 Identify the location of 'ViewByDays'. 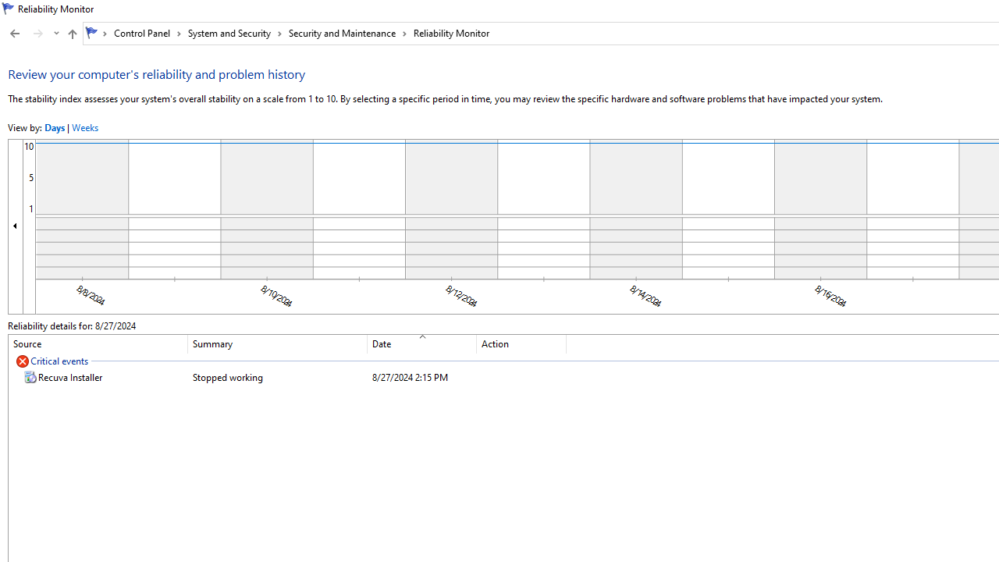
(55, 126).